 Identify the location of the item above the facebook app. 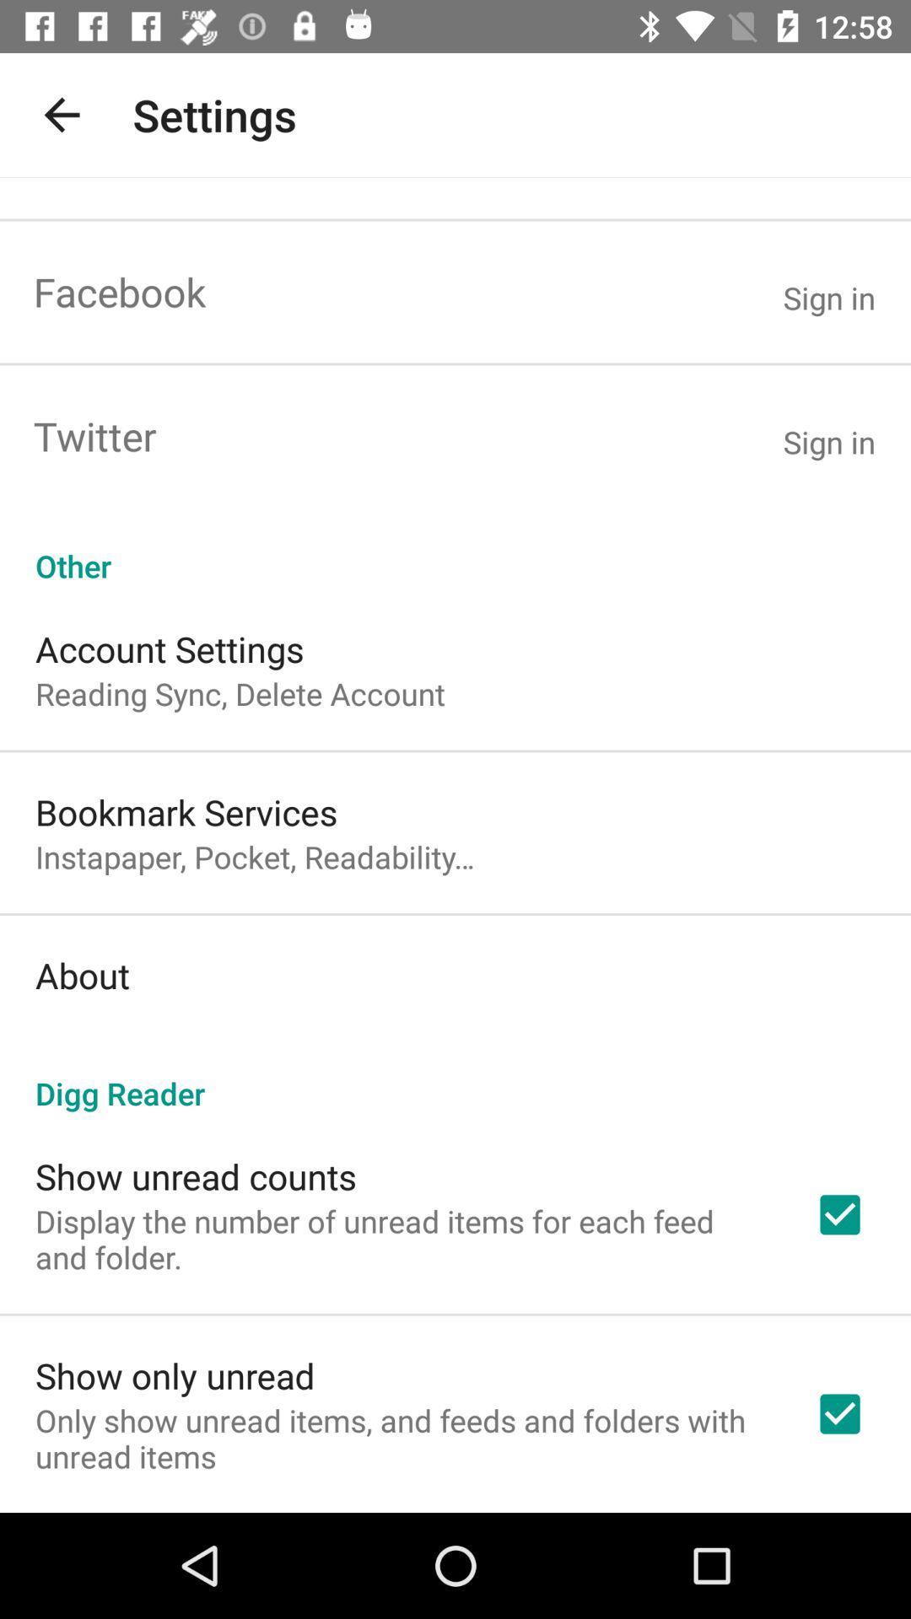
(61, 114).